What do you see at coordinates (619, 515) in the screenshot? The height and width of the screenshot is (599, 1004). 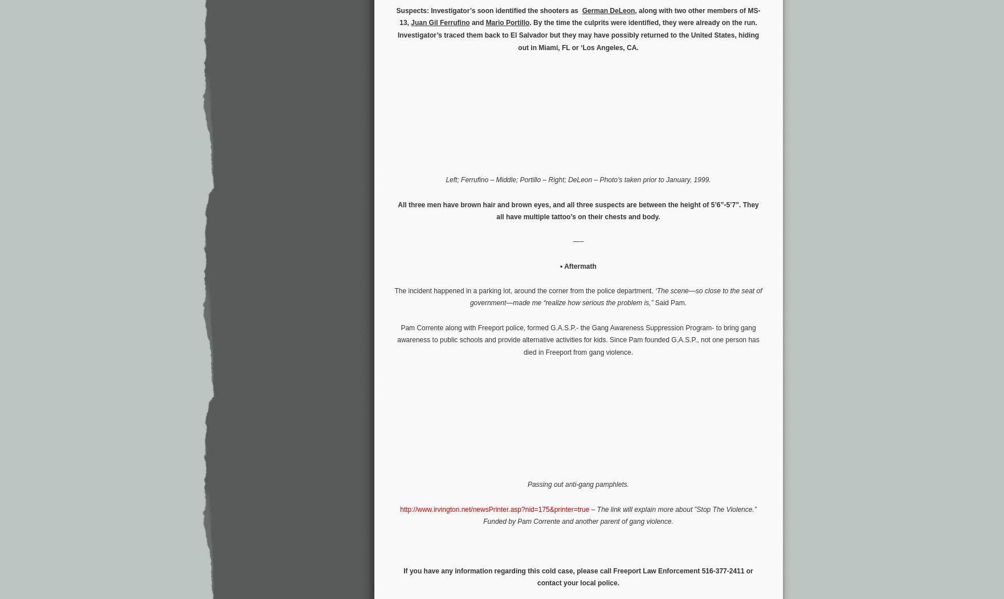 I see `'The link will explain more about ”Stop The Violence.” Funded by Pam Corrente and another parent of gang violence.'` at bounding box center [619, 515].